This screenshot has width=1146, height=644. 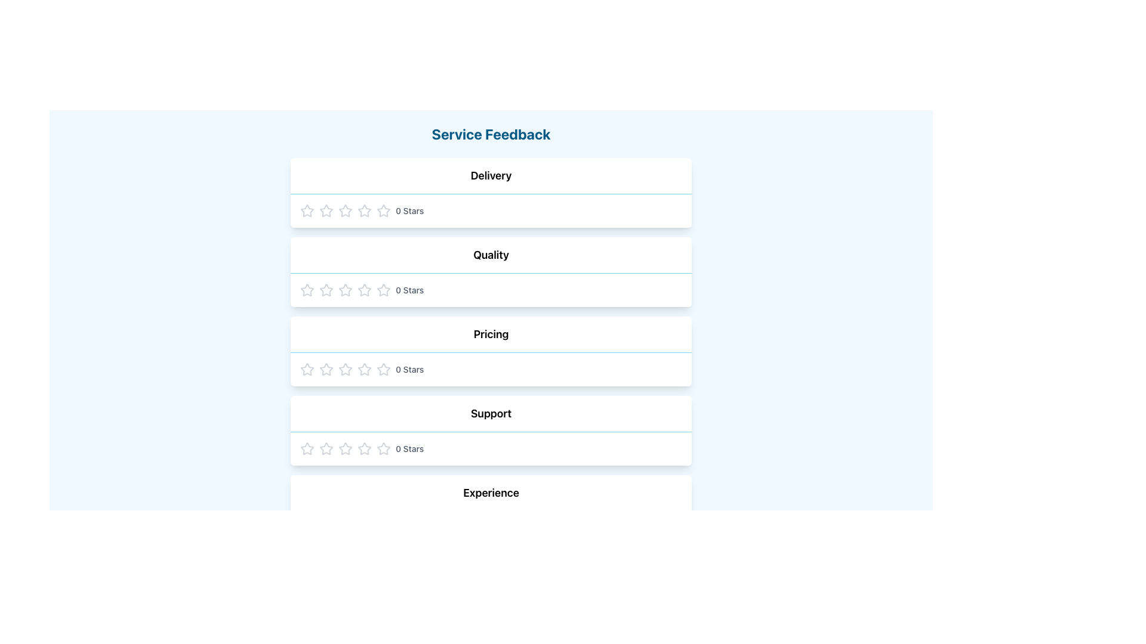 I want to click on the first gray outline star icon located under the 'Delivery' header to assign a one star rating, so click(x=307, y=210).